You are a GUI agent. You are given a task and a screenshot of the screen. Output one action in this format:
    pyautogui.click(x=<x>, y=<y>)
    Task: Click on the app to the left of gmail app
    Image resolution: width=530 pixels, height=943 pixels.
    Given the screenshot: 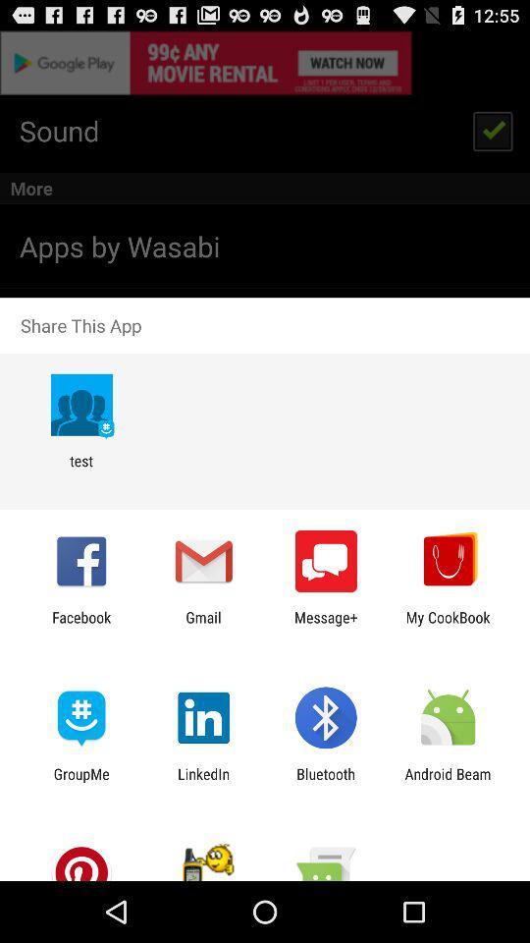 What is the action you would take?
    pyautogui.click(x=80, y=625)
    